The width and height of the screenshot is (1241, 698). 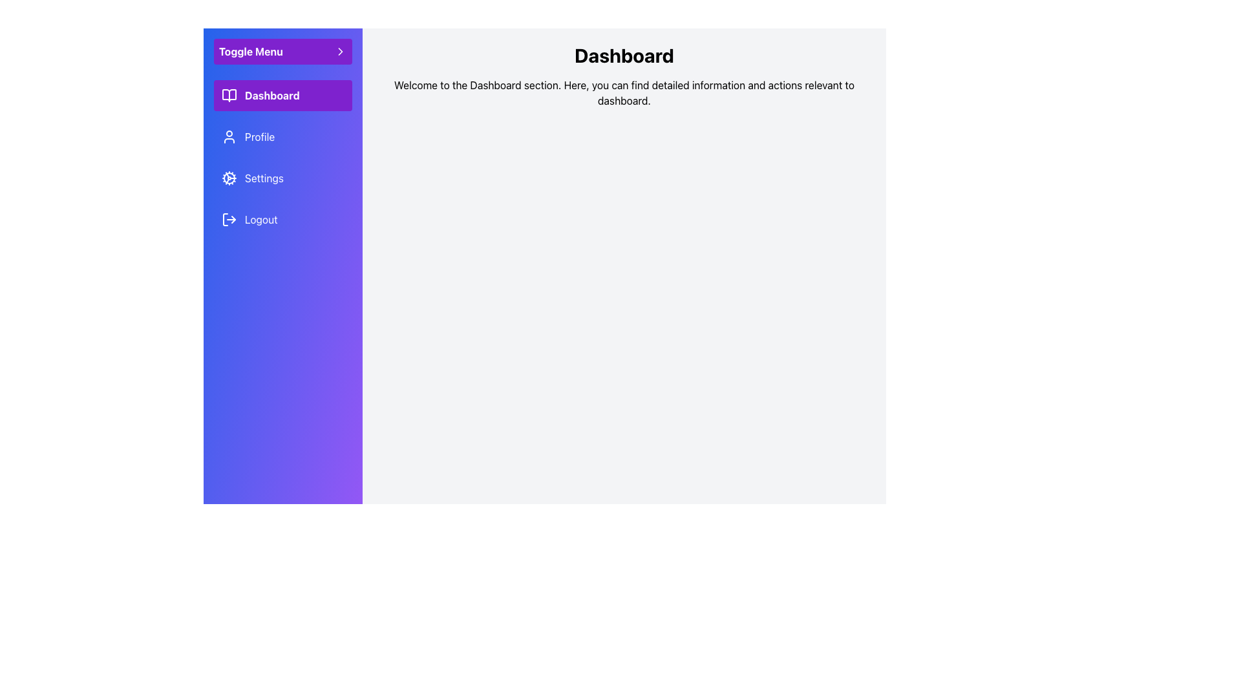 What do you see at coordinates (263, 178) in the screenshot?
I see `the 'Settings' text label, which is styled in white on a gradient purple-blue background` at bounding box center [263, 178].